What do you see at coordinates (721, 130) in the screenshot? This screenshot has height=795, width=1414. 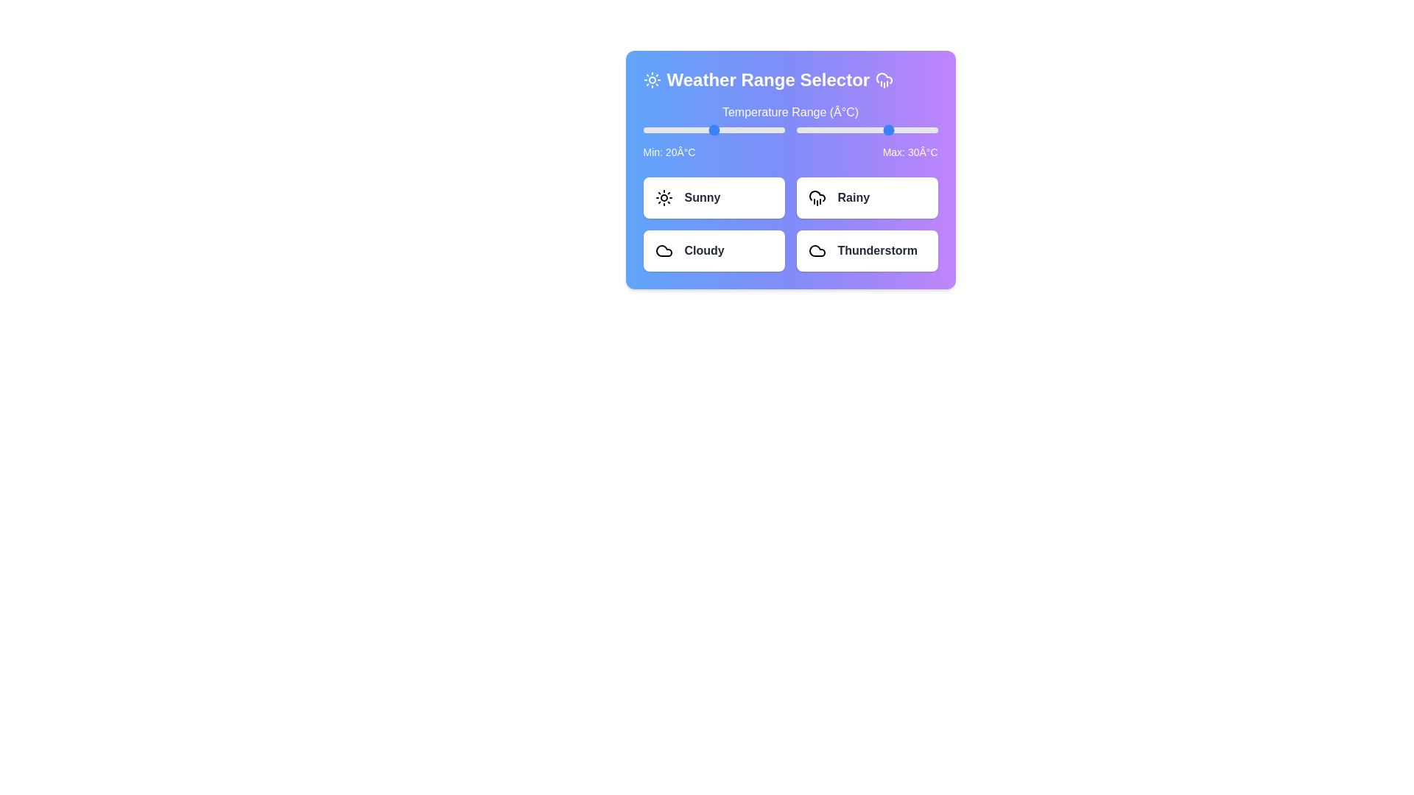 I see `the minimum temperature range slider to 23°C` at bounding box center [721, 130].